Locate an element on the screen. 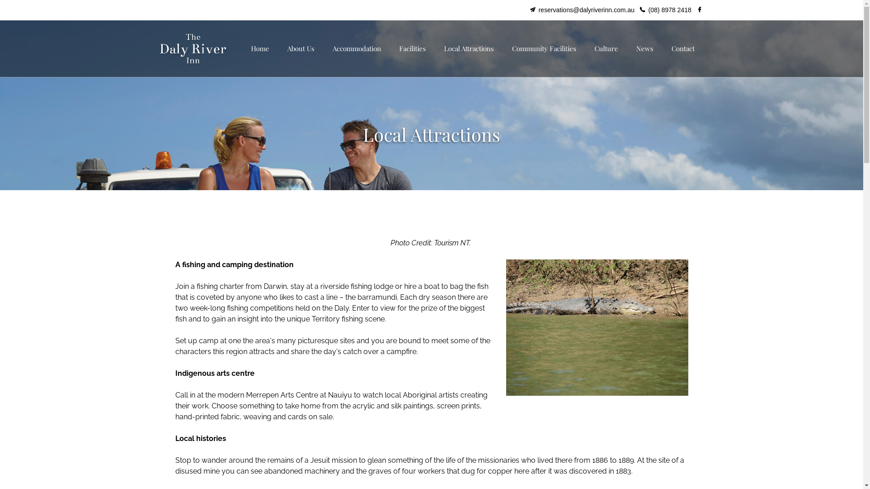  'Local Attractions' is located at coordinates (469, 48).